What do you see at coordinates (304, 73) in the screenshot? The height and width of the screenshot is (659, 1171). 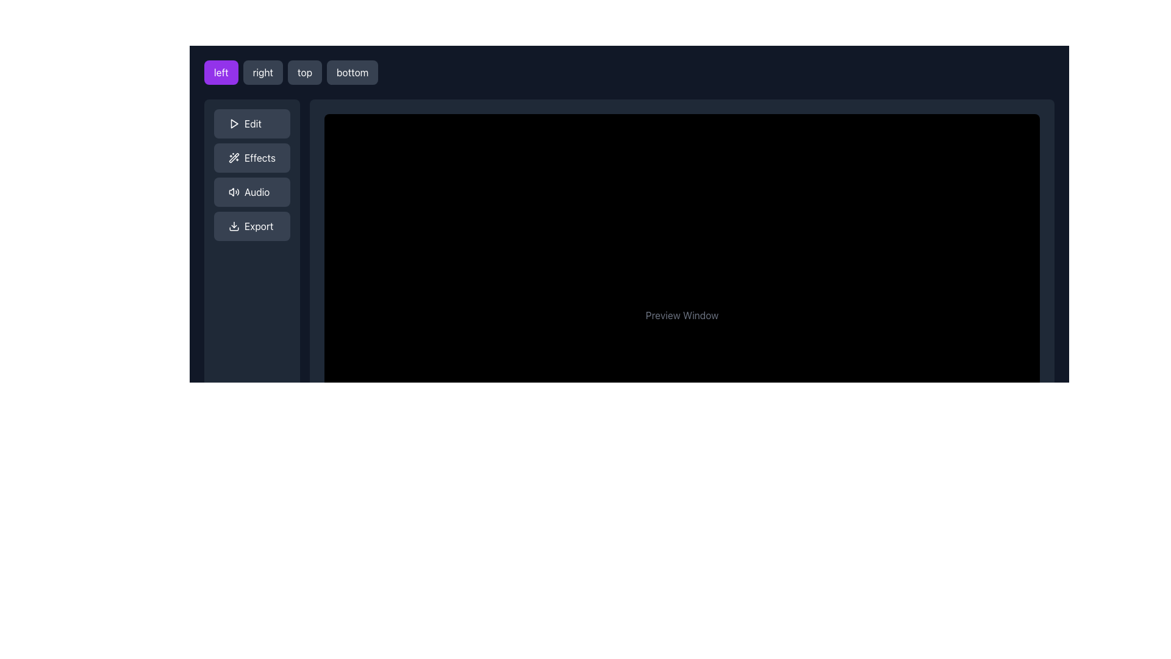 I see `the 'top' button, which is a rectangular button with rounded corners, dark gray background, and text 'top' centered inside it, to activate hover effects` at bounding box center [304, 73].